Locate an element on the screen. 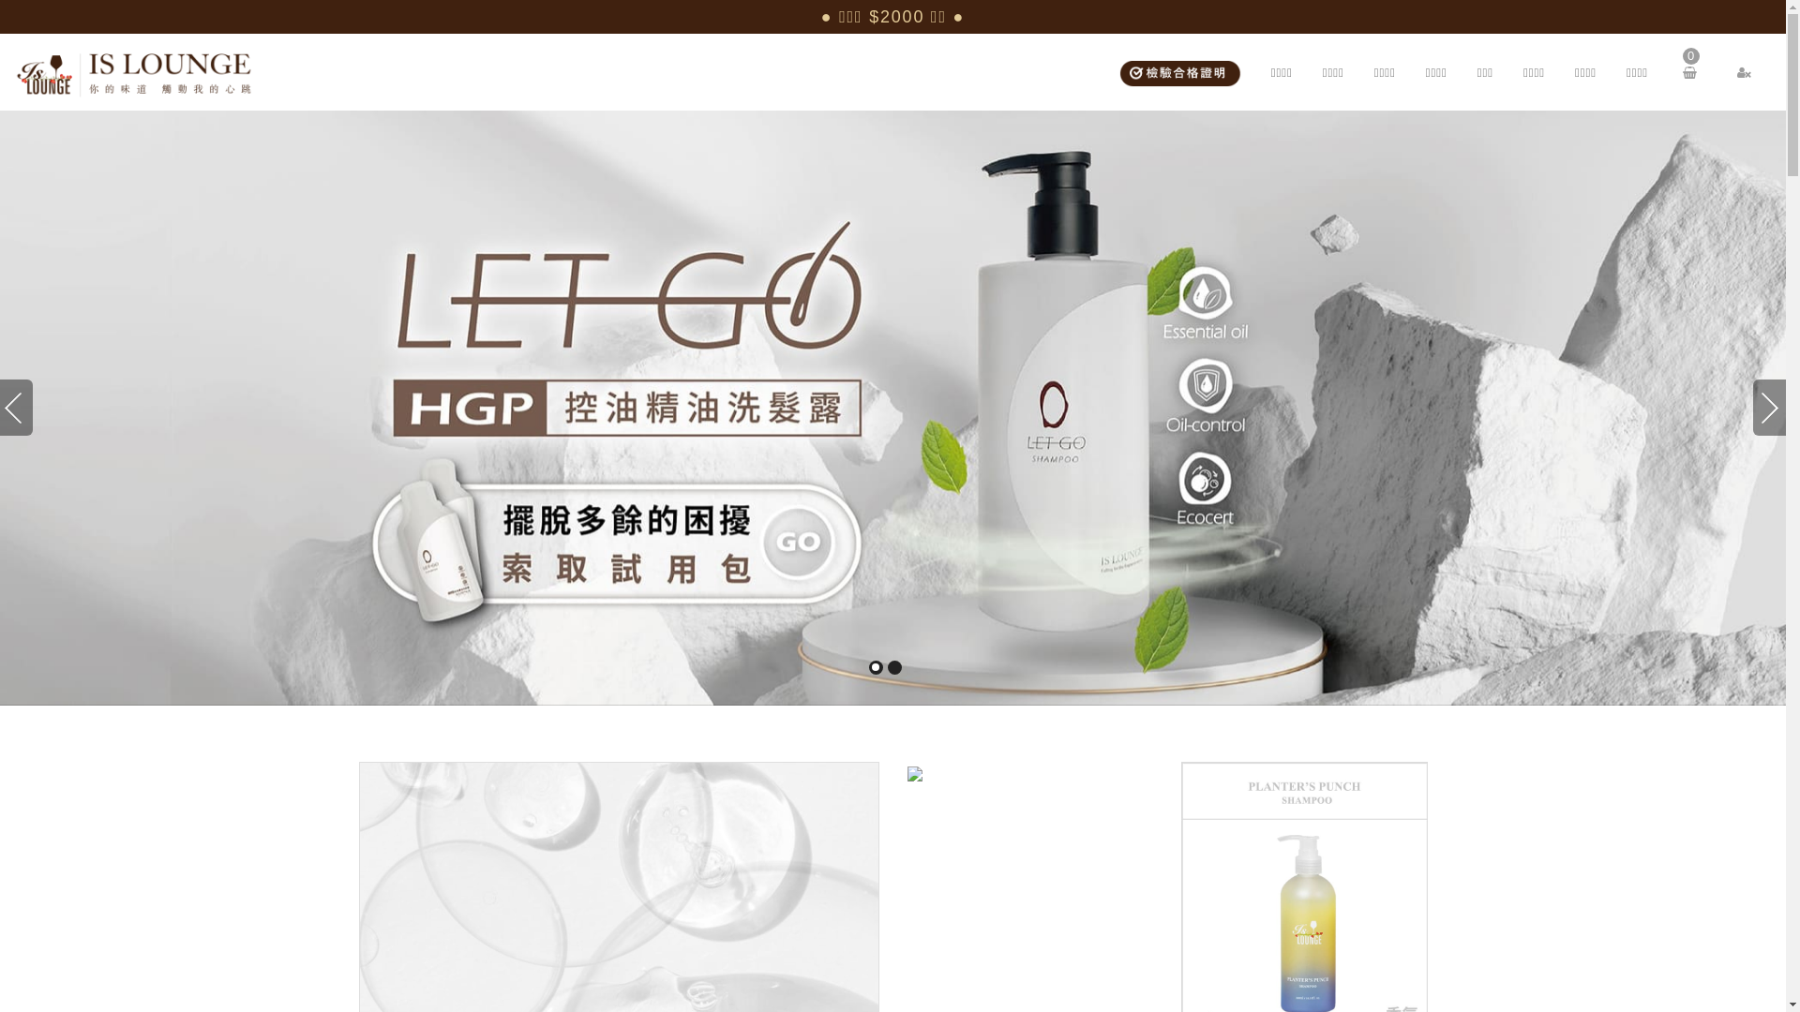 The height and width of the screenshot is (1012, 1800). '0' is located at coordinates (1692, 71).